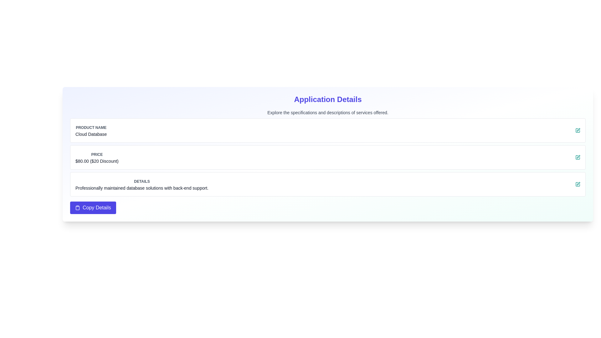 The image size is (601, 338). Describe the element at coordinates (96, 157) in the screenshot. I see `the text block element displaying 'PRICE' and '$80.00 ($20 Discount)' situated between 'PRODUCT NAME' and 'DETAILS'` at that location.